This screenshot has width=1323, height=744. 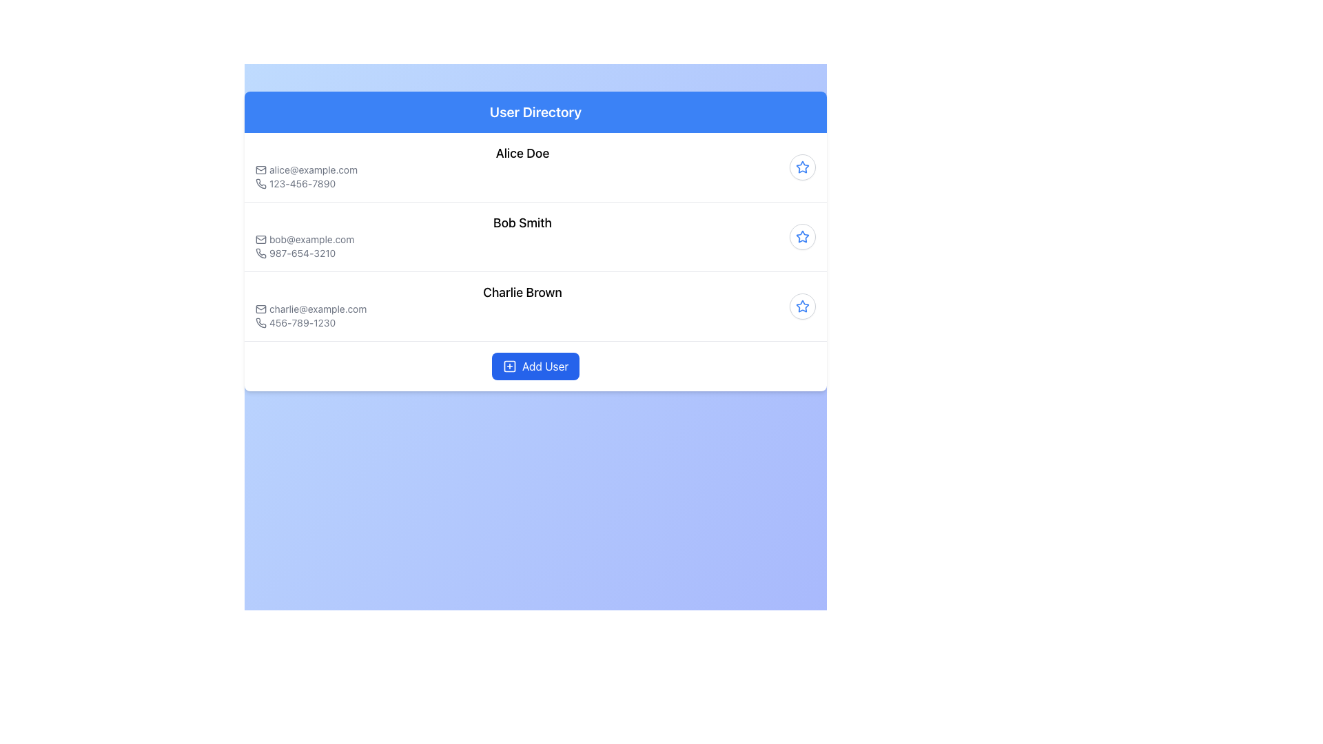 What do you see at coordinates (261, 169) in the screenshot?
I see `the email icon that visually indicates the email address 'alice@example.com', positioned at the start of the text line in the user details list` at bounding box center [261, 169].